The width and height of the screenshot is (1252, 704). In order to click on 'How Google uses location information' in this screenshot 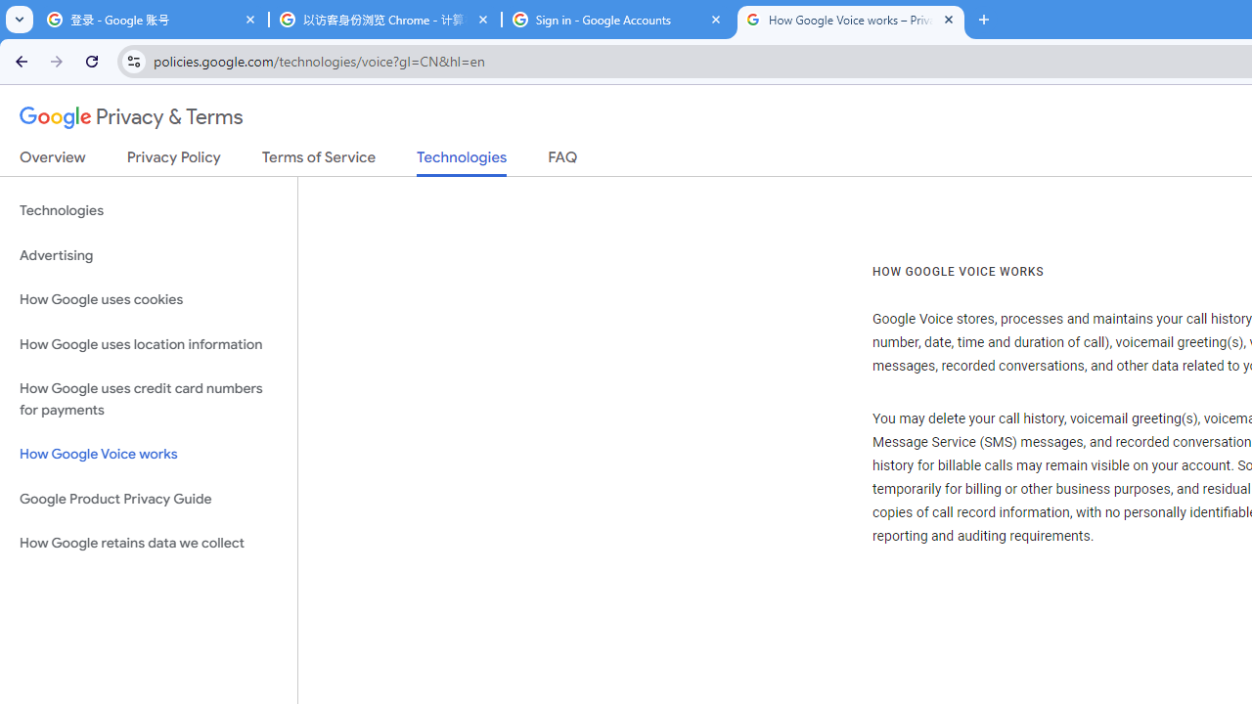, I will do `click(148, 343)`.